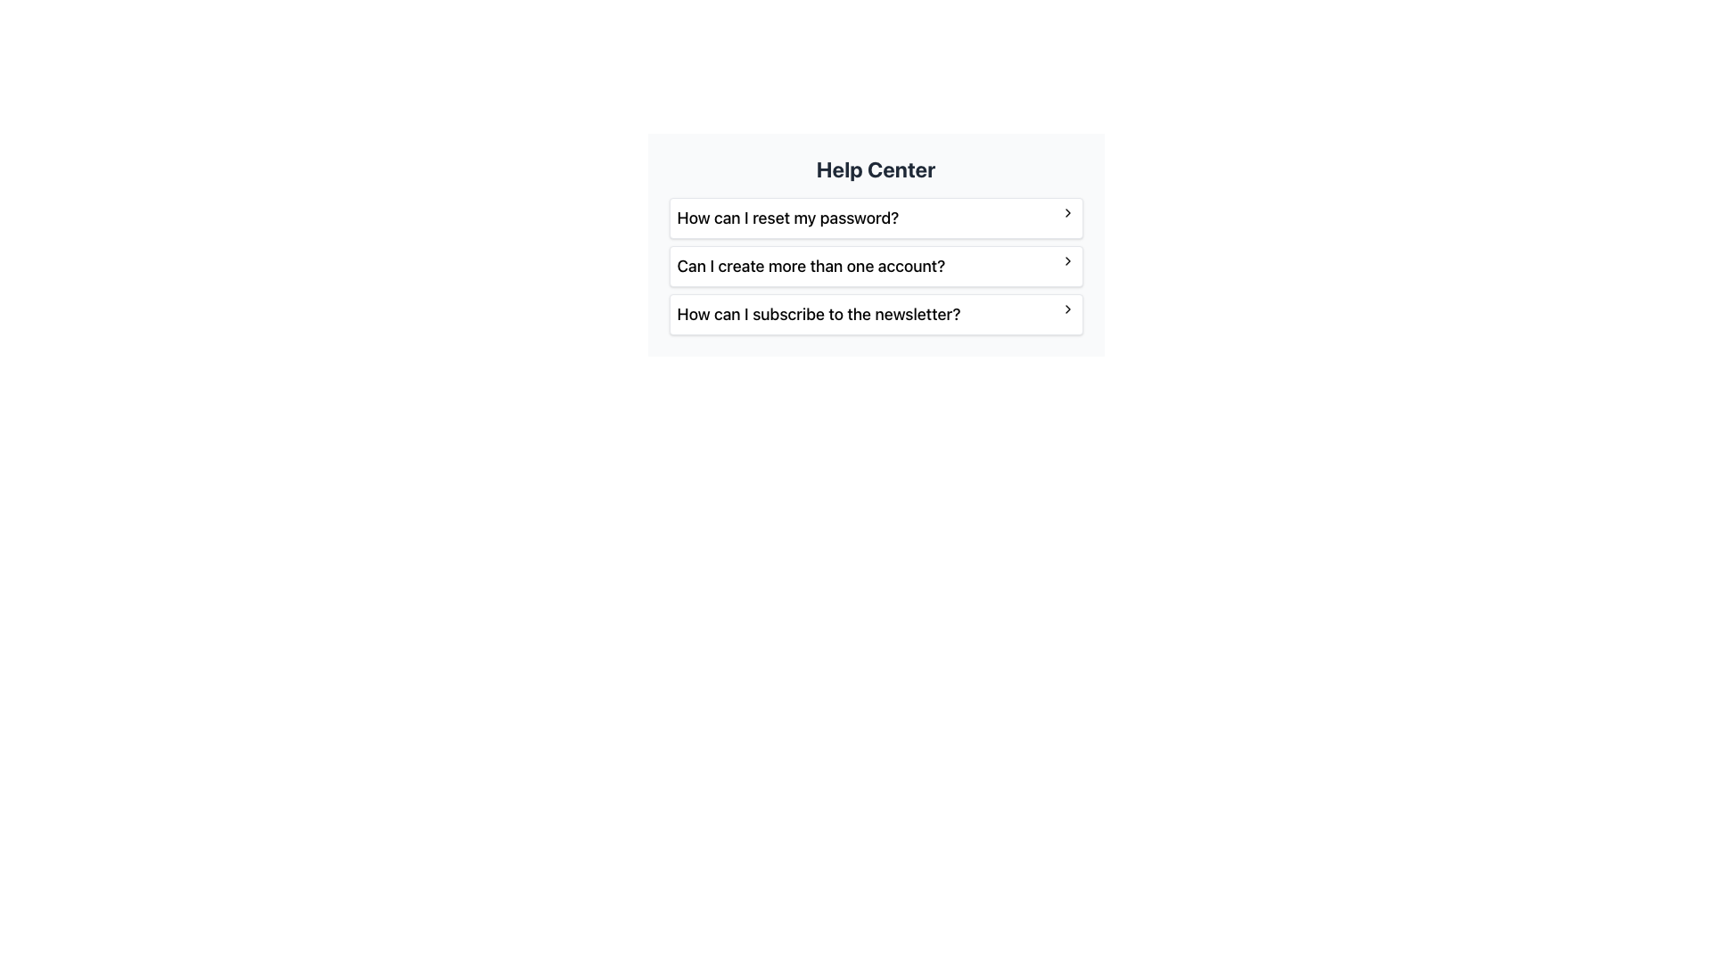  Describe the element at coordinates (876, 267) in the screenshot. I see `the text-based question 'Can I create more than one account?' in the Interactive FAQ item` at that location.